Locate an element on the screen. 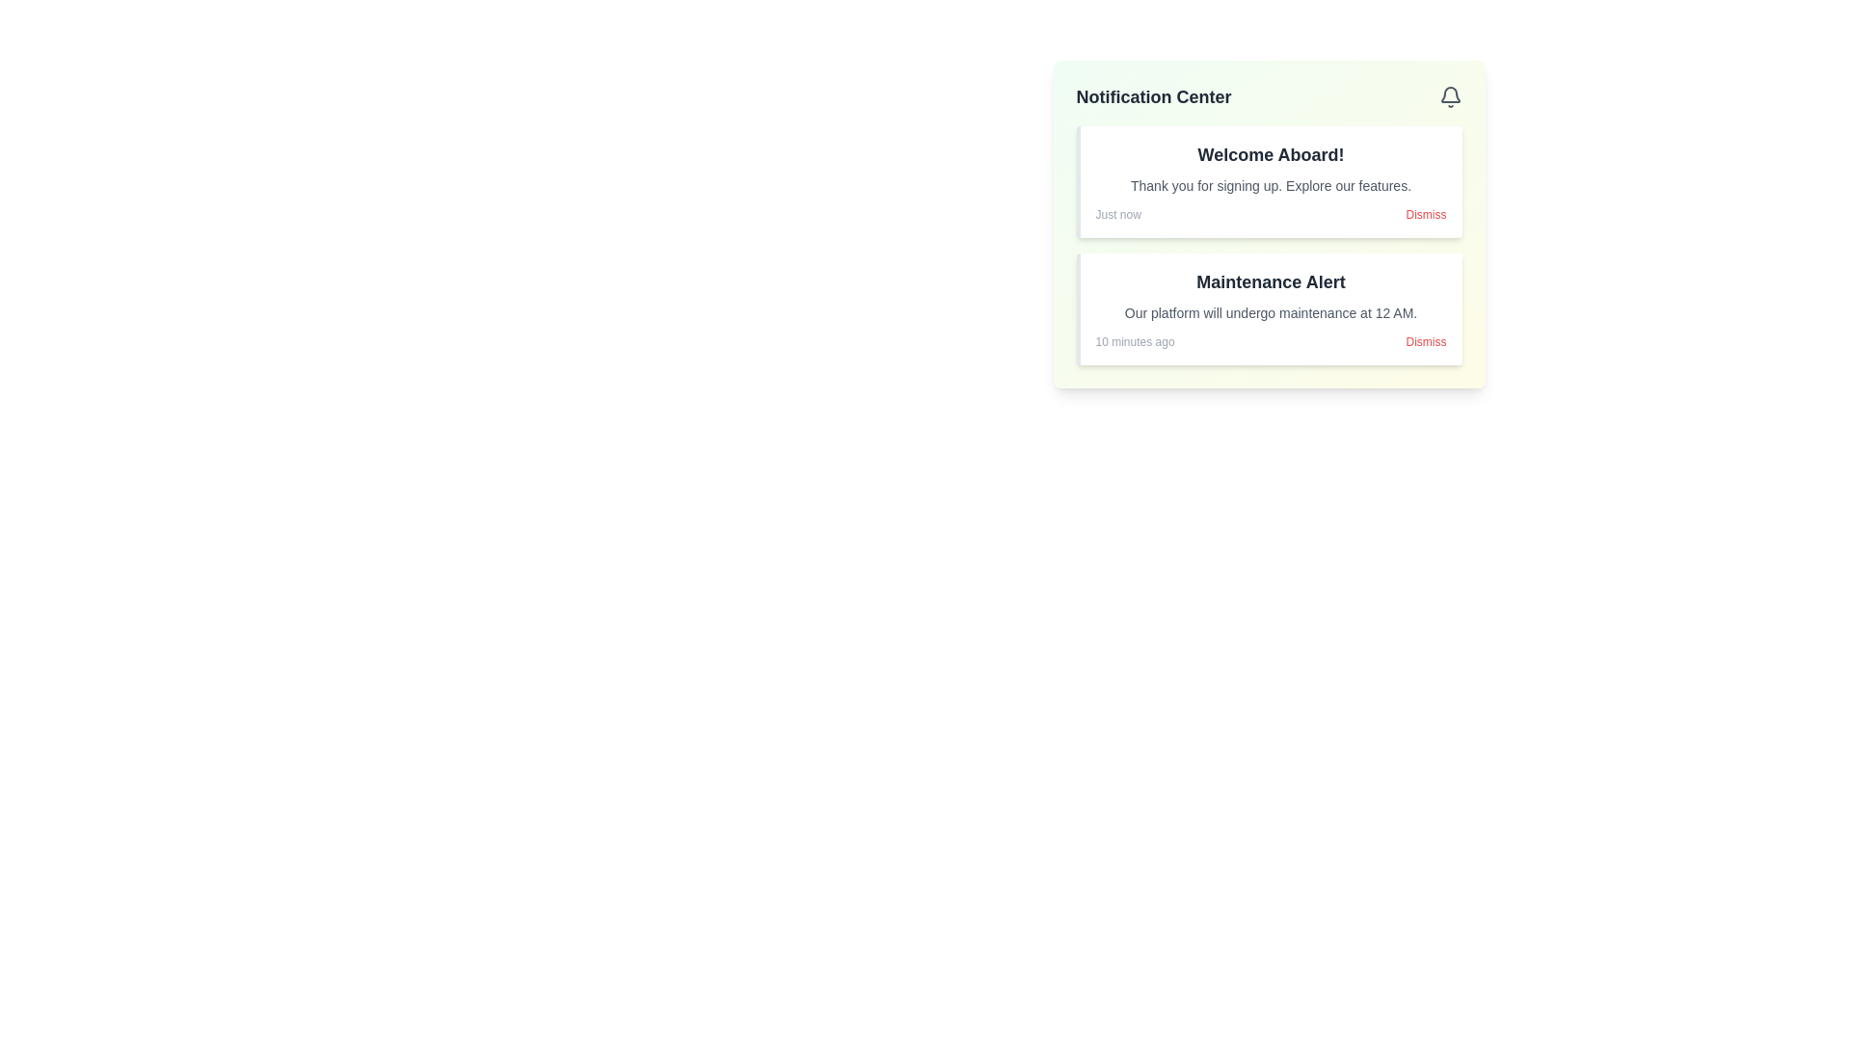 This screenshot has height=1041, width=1851. the label displaying '10 minutes ago' which is styled in gray font and positioned to the left of the 'Dismiss' link within the second notification card in the 'Notification Center' is located at coordinates (1135, 340).